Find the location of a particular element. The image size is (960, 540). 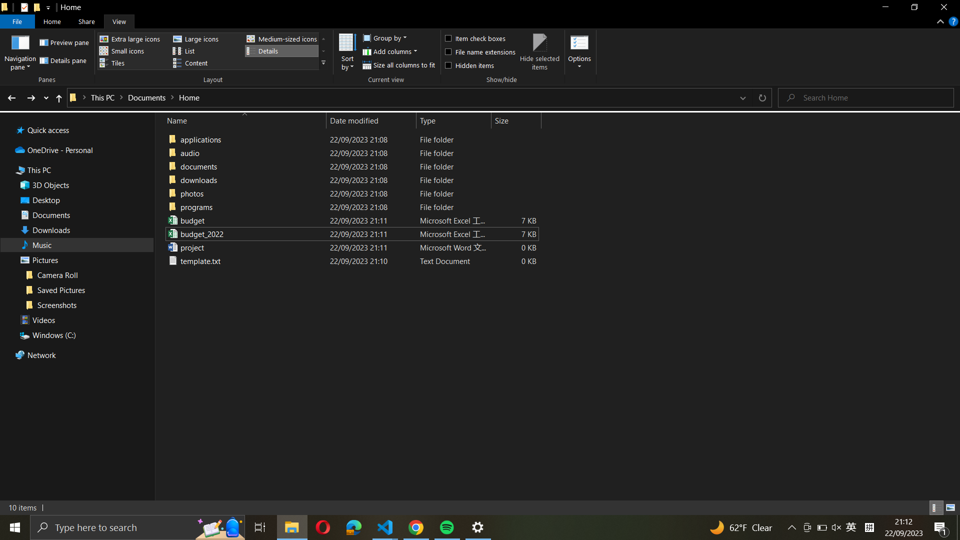

Sort the files in the "documents" folder by name is located at coordinates (350, 179).